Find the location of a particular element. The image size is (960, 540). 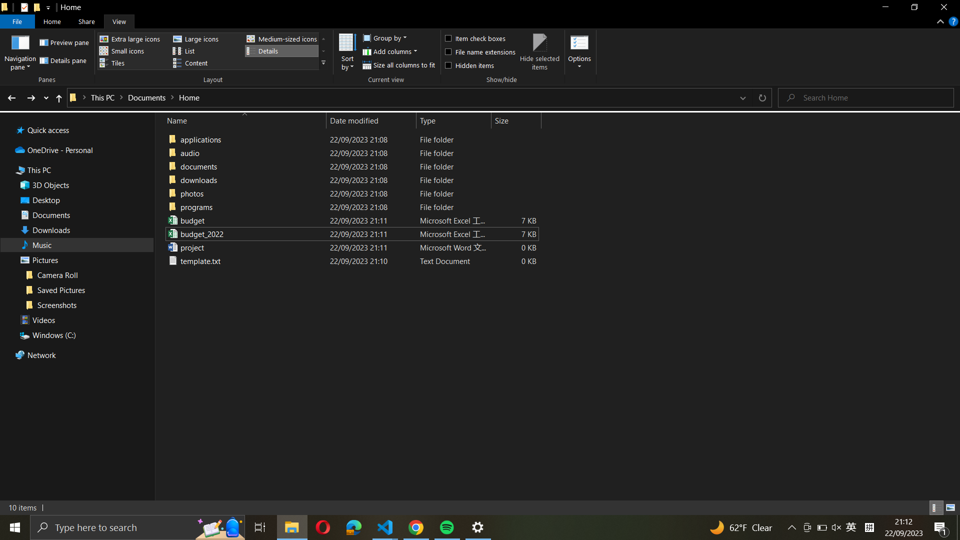

Sort the files in the "documents" folder by name is located at coordinates (350, 179).